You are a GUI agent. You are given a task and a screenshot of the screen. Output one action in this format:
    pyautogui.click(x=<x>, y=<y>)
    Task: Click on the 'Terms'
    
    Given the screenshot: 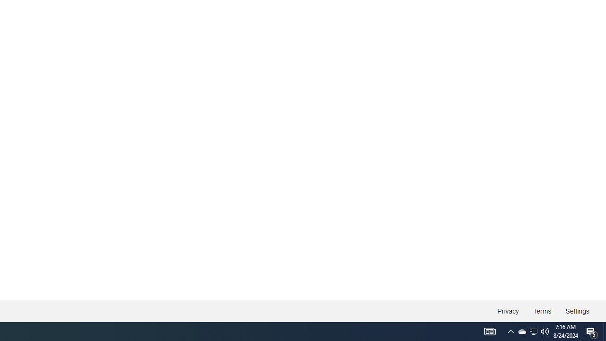 What is the action you would take?
    pyautogui.click(x=542, y=311)
    